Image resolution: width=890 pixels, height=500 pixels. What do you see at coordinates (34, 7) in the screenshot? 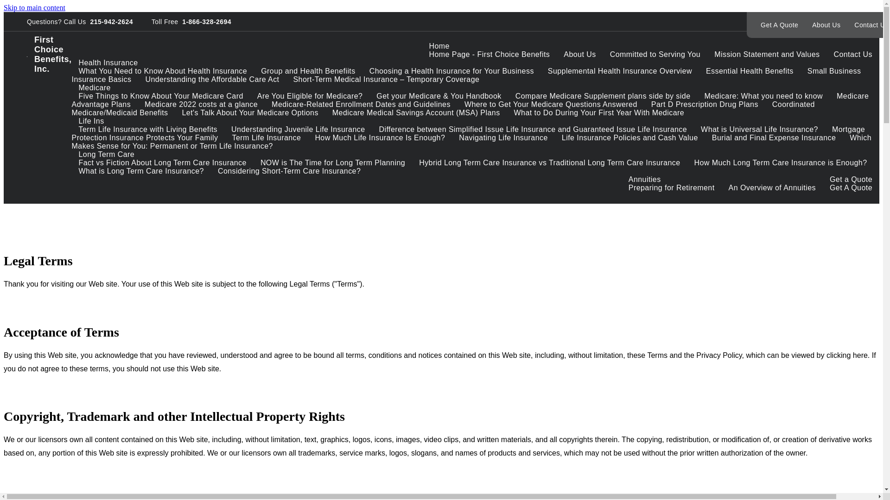
I see `'Skip to main content'` at bounding box center [34, 7].